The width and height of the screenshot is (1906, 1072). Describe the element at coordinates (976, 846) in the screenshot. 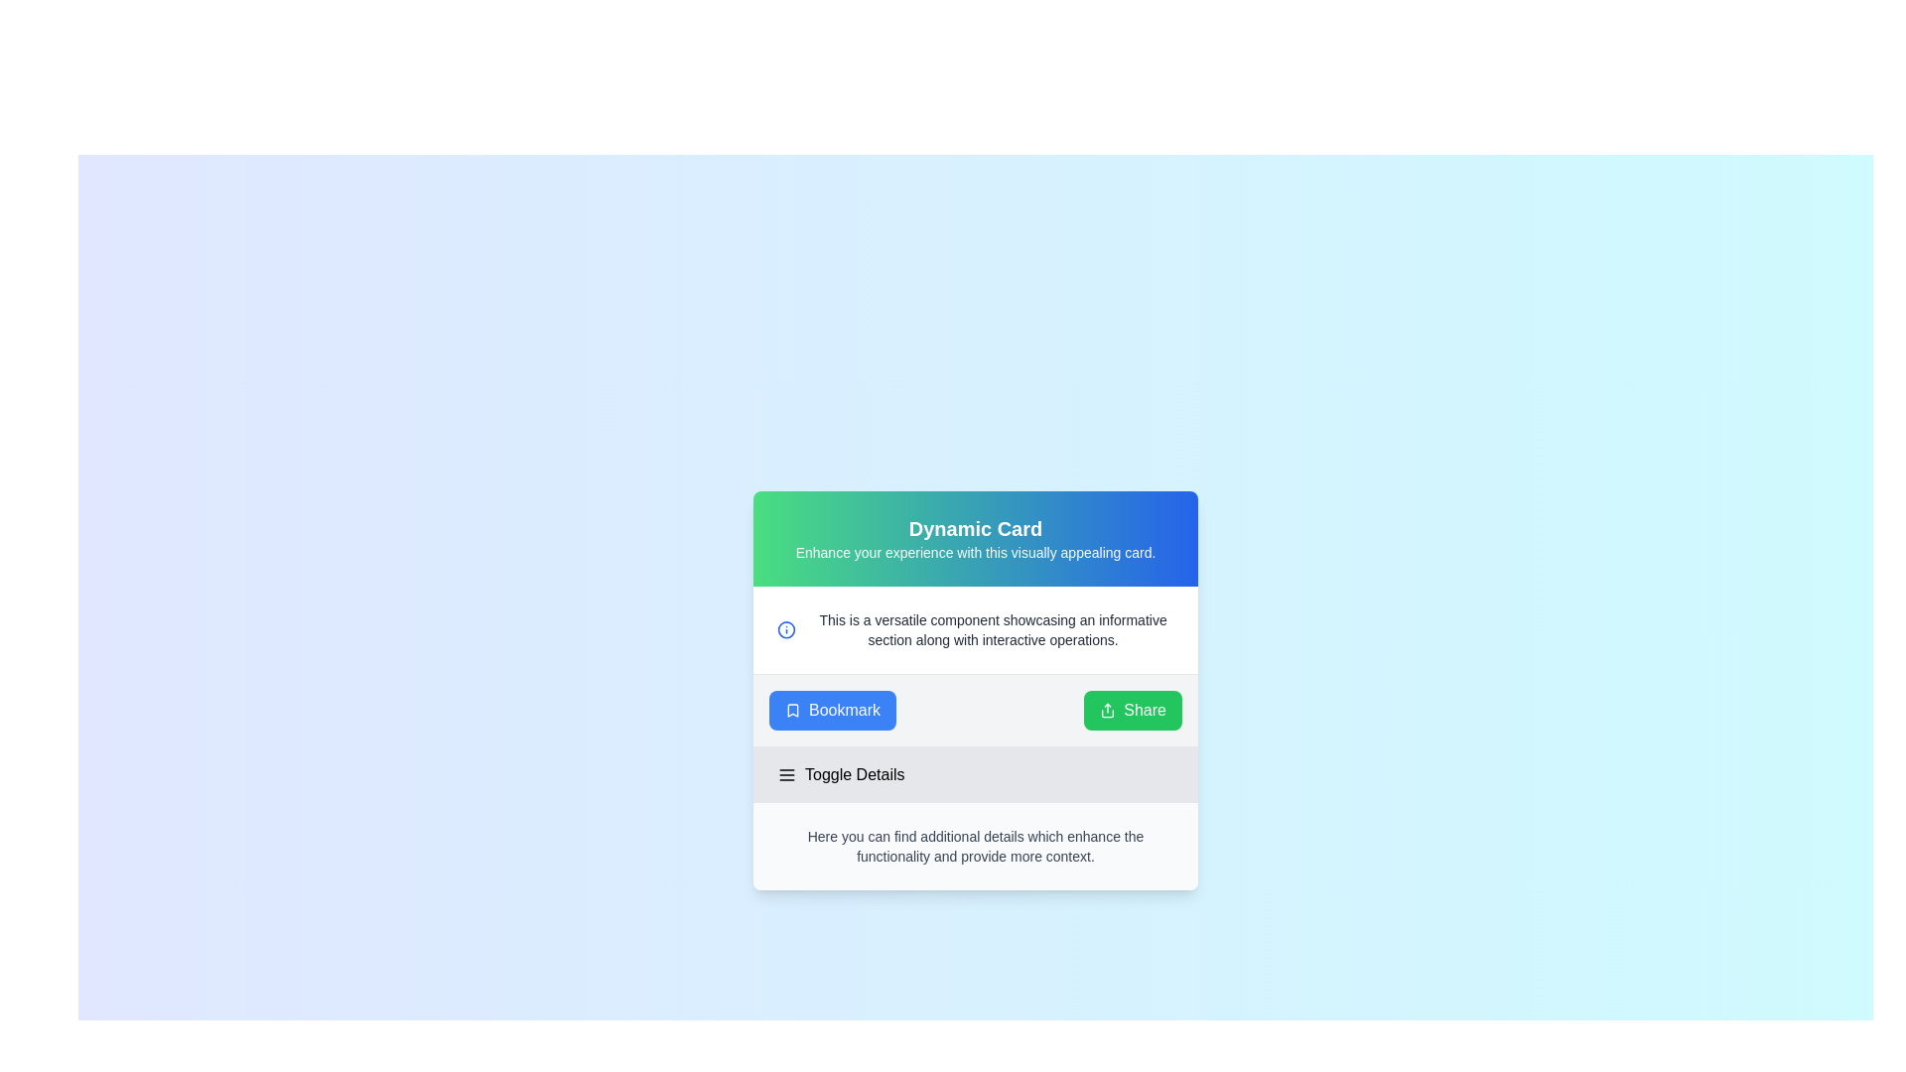

I see `text block that is styled with a light gray background and dark gray text, located directly below the 'Toggle Details' section` at that location.